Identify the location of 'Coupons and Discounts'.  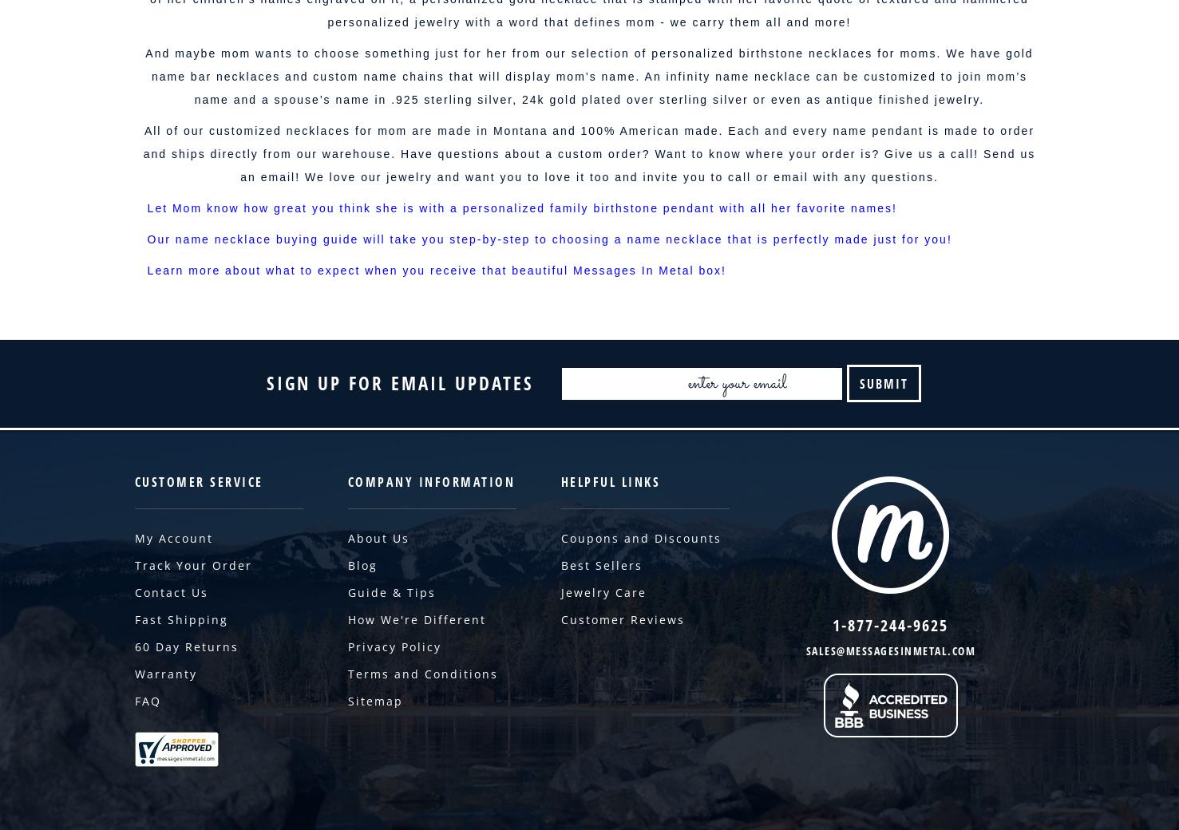
(639, 538).